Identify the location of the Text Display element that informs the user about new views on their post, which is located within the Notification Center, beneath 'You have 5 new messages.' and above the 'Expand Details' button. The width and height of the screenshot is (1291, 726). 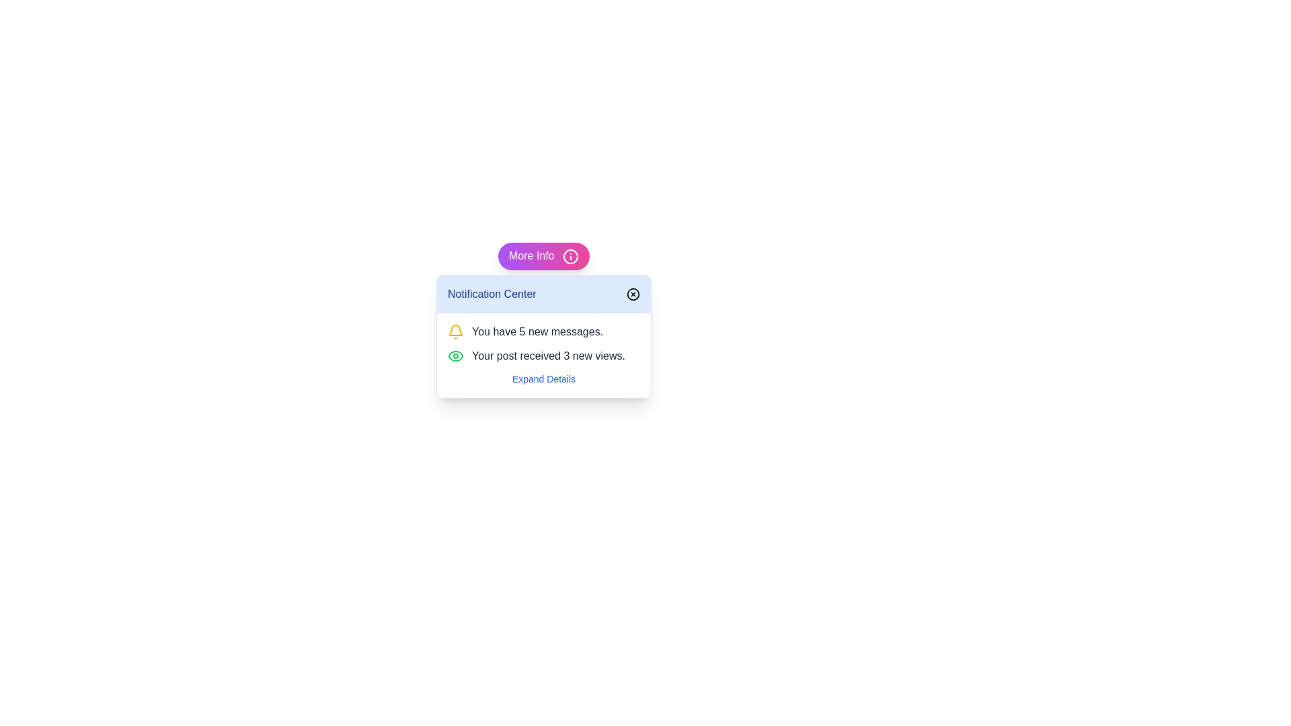
(549, 355).